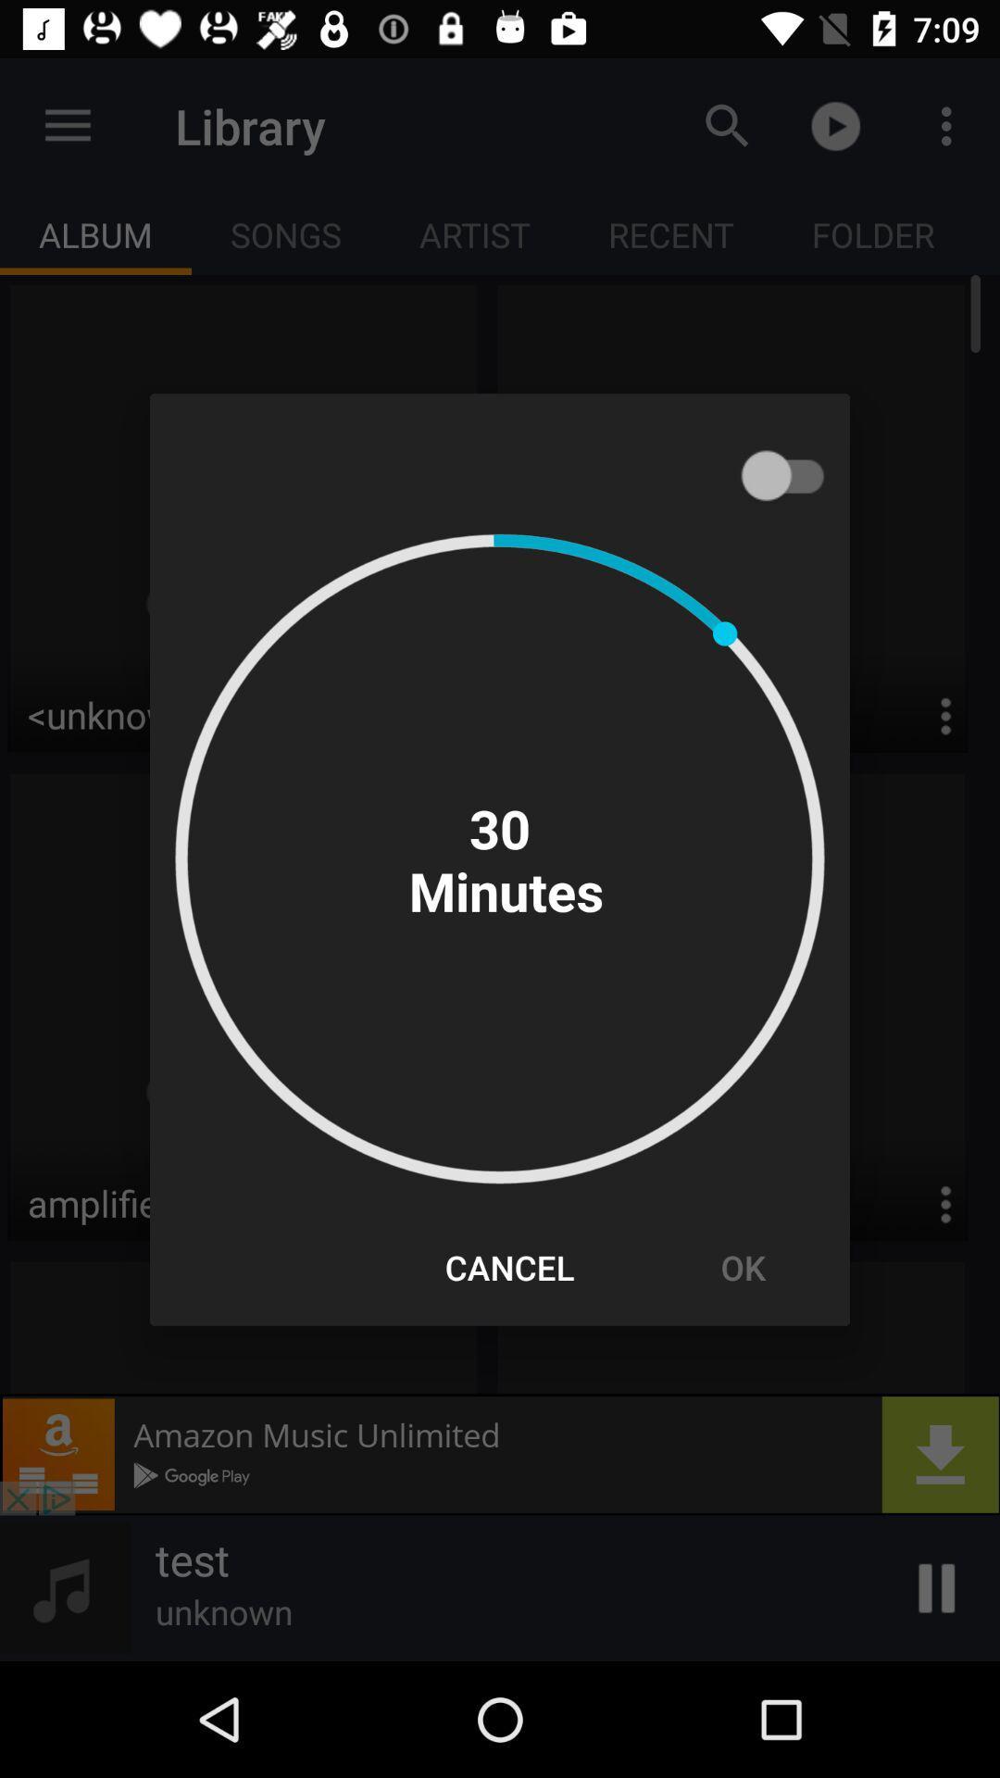 This screenshot has height=1778, width=1000. Describe the element at coordinates (742, 1266) in the screenshot. I see `icon to the right of cancel` at that location.